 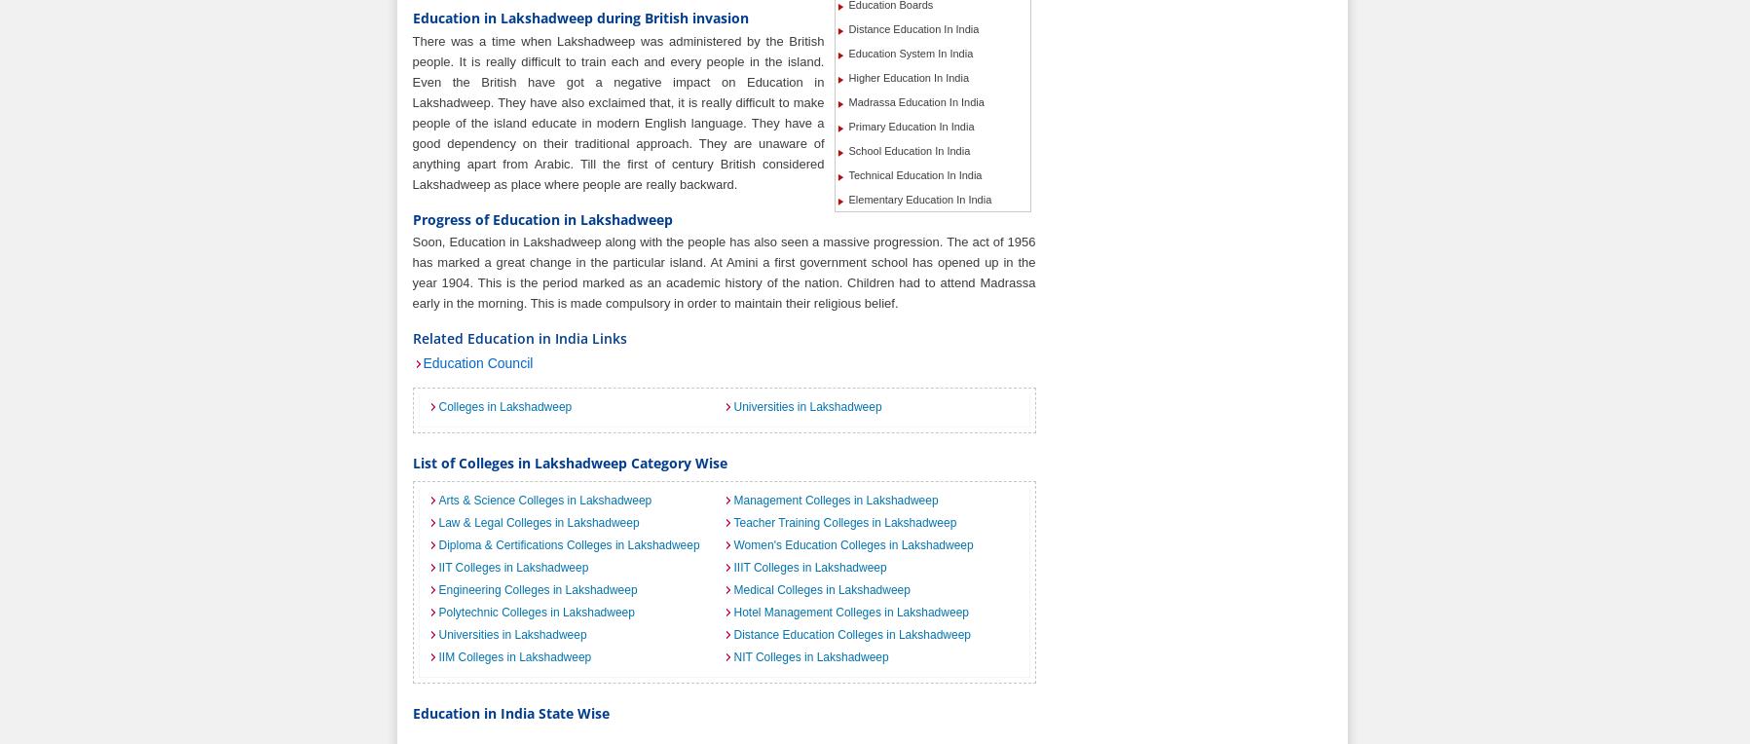 I want to click on 'Elementary Education In India', so click(x=919, y=198).